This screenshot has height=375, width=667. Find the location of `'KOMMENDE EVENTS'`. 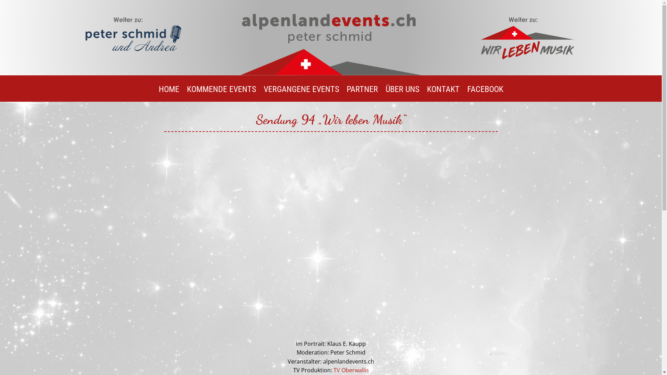

'KOMMENDE EVENTS' is located at coordinates (221, 94).